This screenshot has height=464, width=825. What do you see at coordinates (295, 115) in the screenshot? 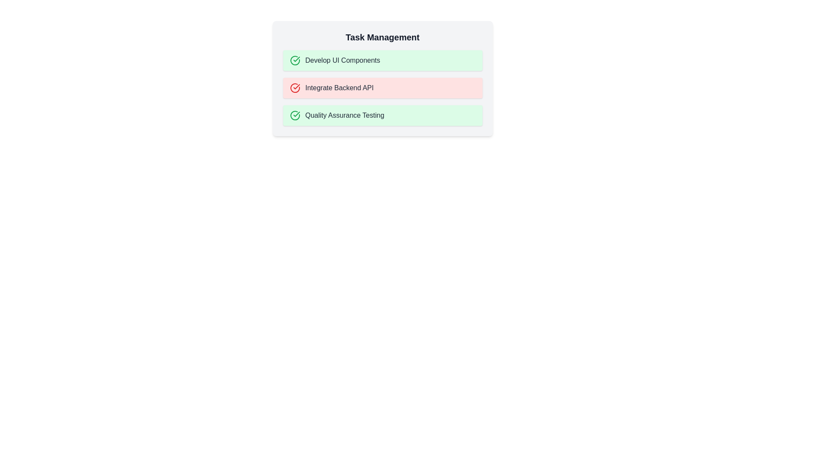
I see `the icon for task Quality Assurance Testing to toggle its status` at bounding box center [295, 115].